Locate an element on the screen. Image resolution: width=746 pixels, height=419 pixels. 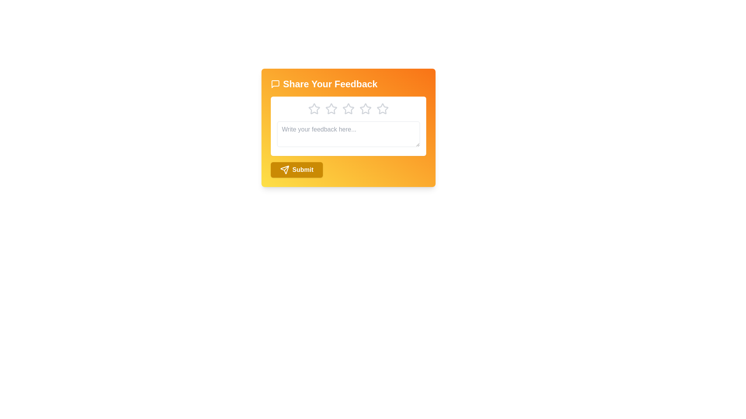
the fifth star-shaped rating icon with a hollow center is located at coordinates (382, 109).